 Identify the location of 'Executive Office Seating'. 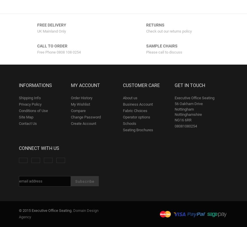
(194, 97).